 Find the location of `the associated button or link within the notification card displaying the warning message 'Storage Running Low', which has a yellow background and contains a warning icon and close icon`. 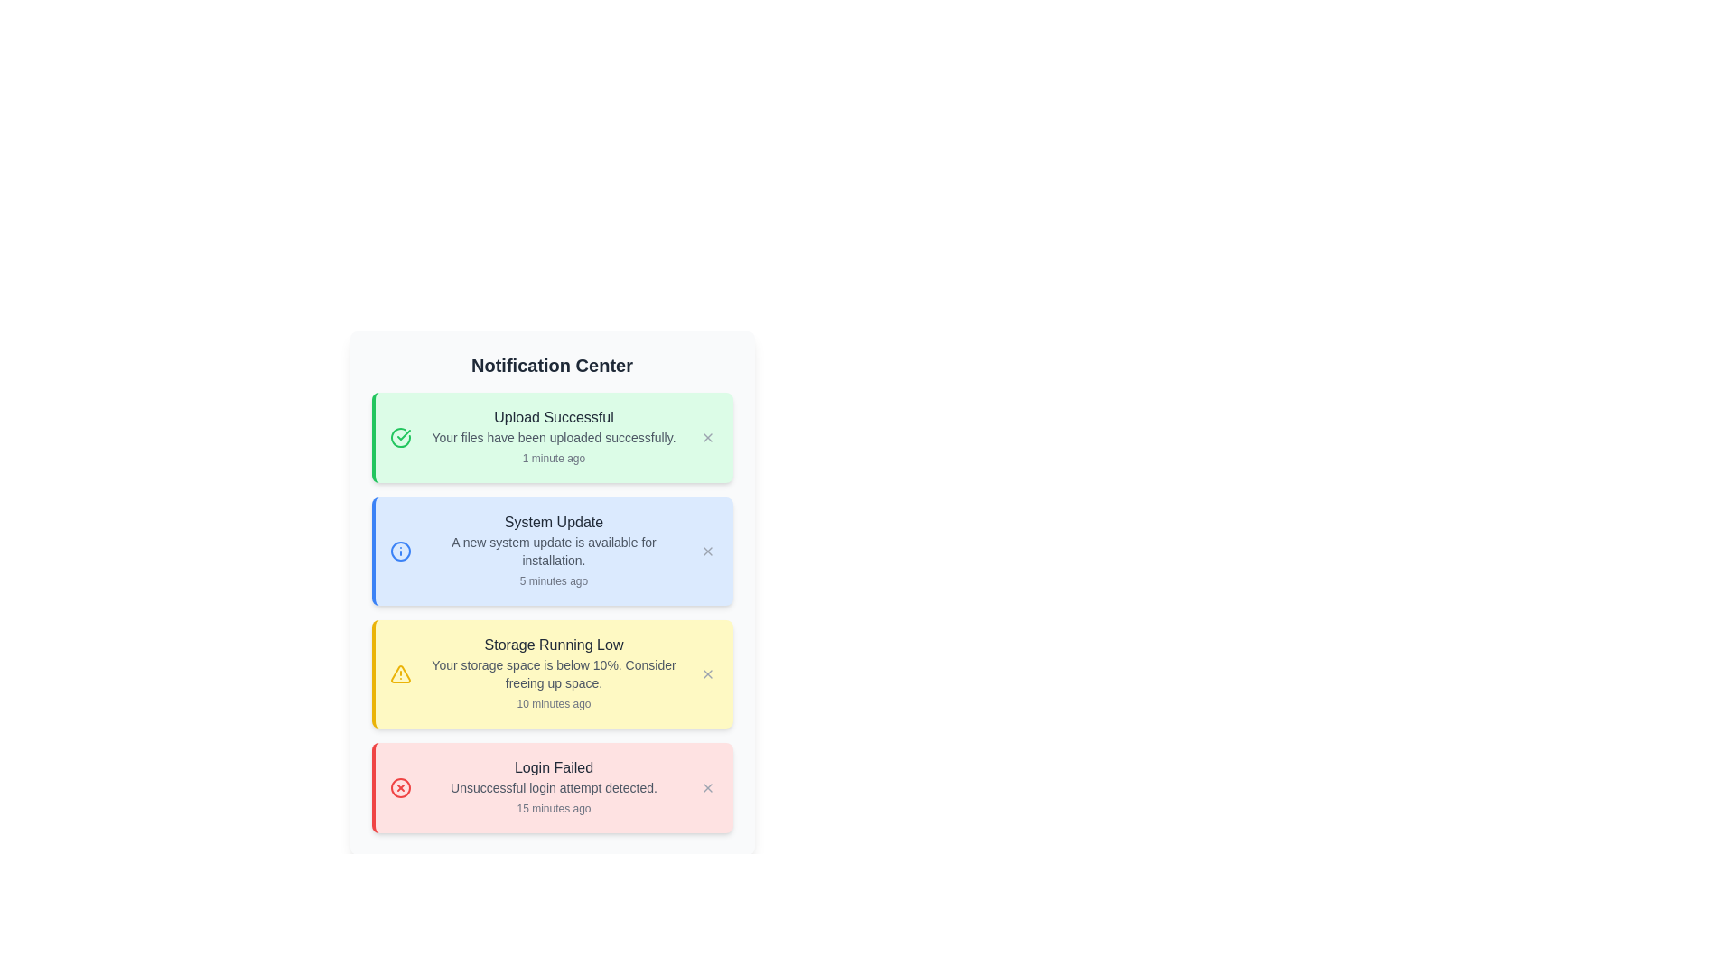

the associated button or link within the notification card displaying the warning message 'Storage Running Low', which has a yellow background and contains a warning icon and close icon is located at coordinates (553, 674).